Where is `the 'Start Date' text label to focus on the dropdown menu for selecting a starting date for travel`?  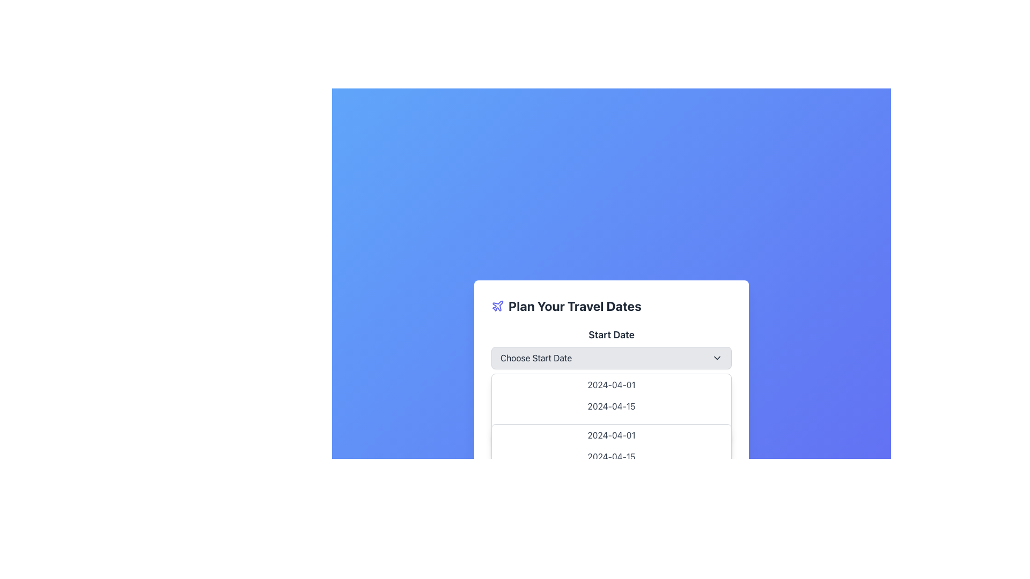
the 'Start Date' text label to focus on the dropdown menu for selecting a starting date for travel is located at coordinates (536, 358).